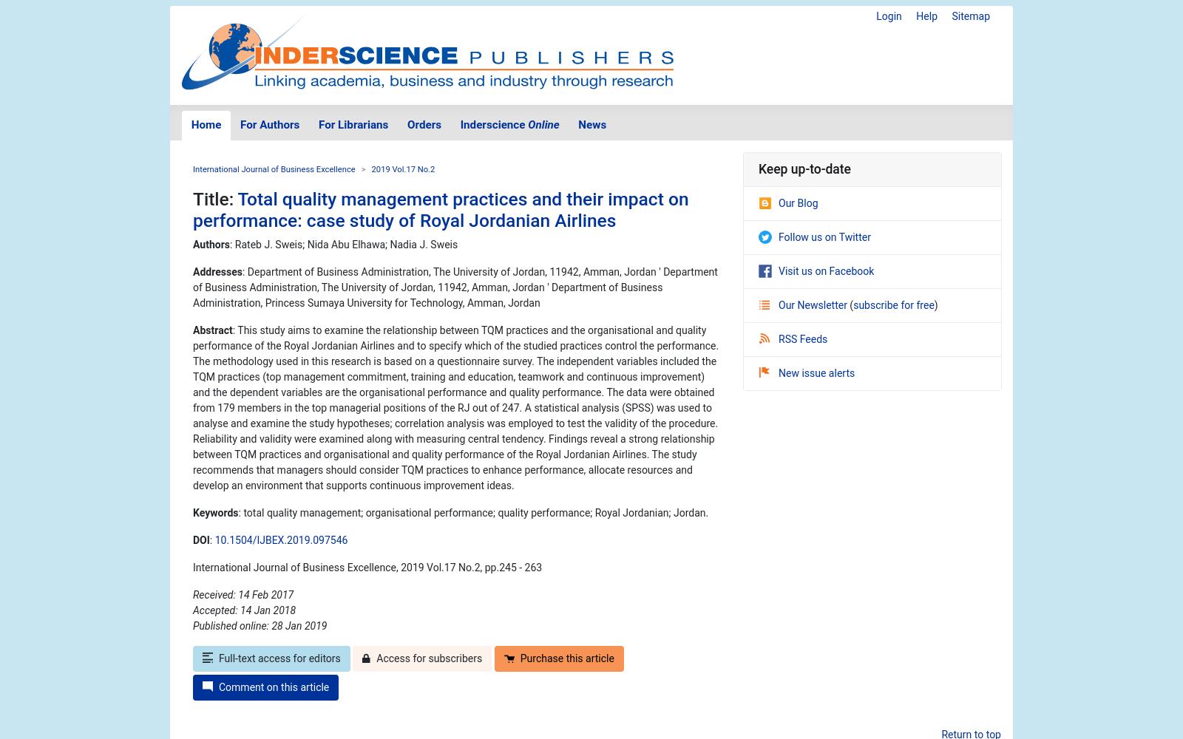 The width and height of the screenshot is (1183, 739). What do you see at coordinates (887, 16) in the screenshot?
I see `'Login'` at bounding box center [887, 16].